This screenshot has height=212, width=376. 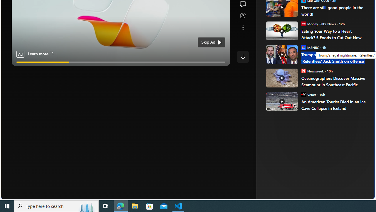 What do you see at coordinates (303, 47) in the screenshot?
I see `'MSNBC'` at bounding box center [303, 47].